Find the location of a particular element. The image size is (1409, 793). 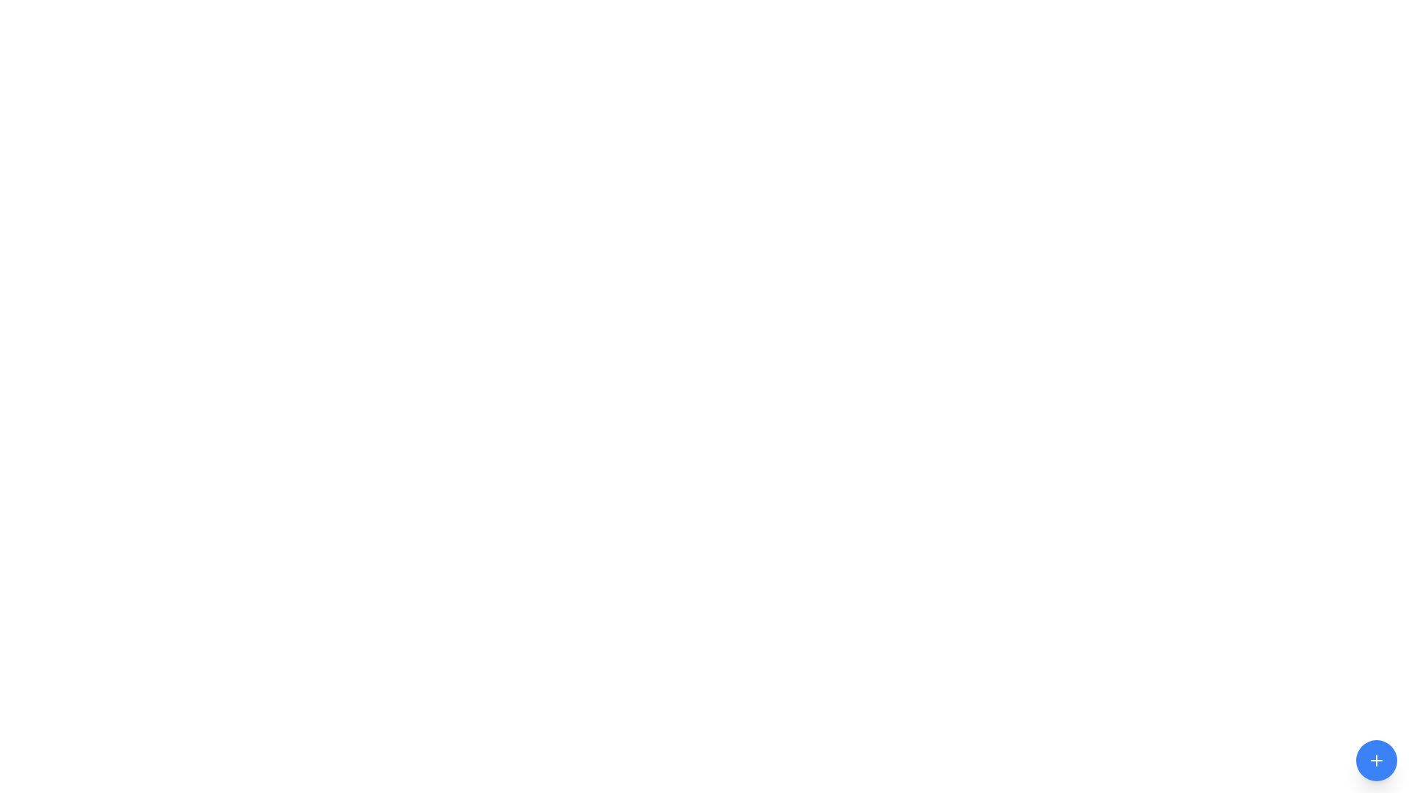

the circular blue button with a white plus icon in the bottom-right corner is located at coordinates (1376, 760).